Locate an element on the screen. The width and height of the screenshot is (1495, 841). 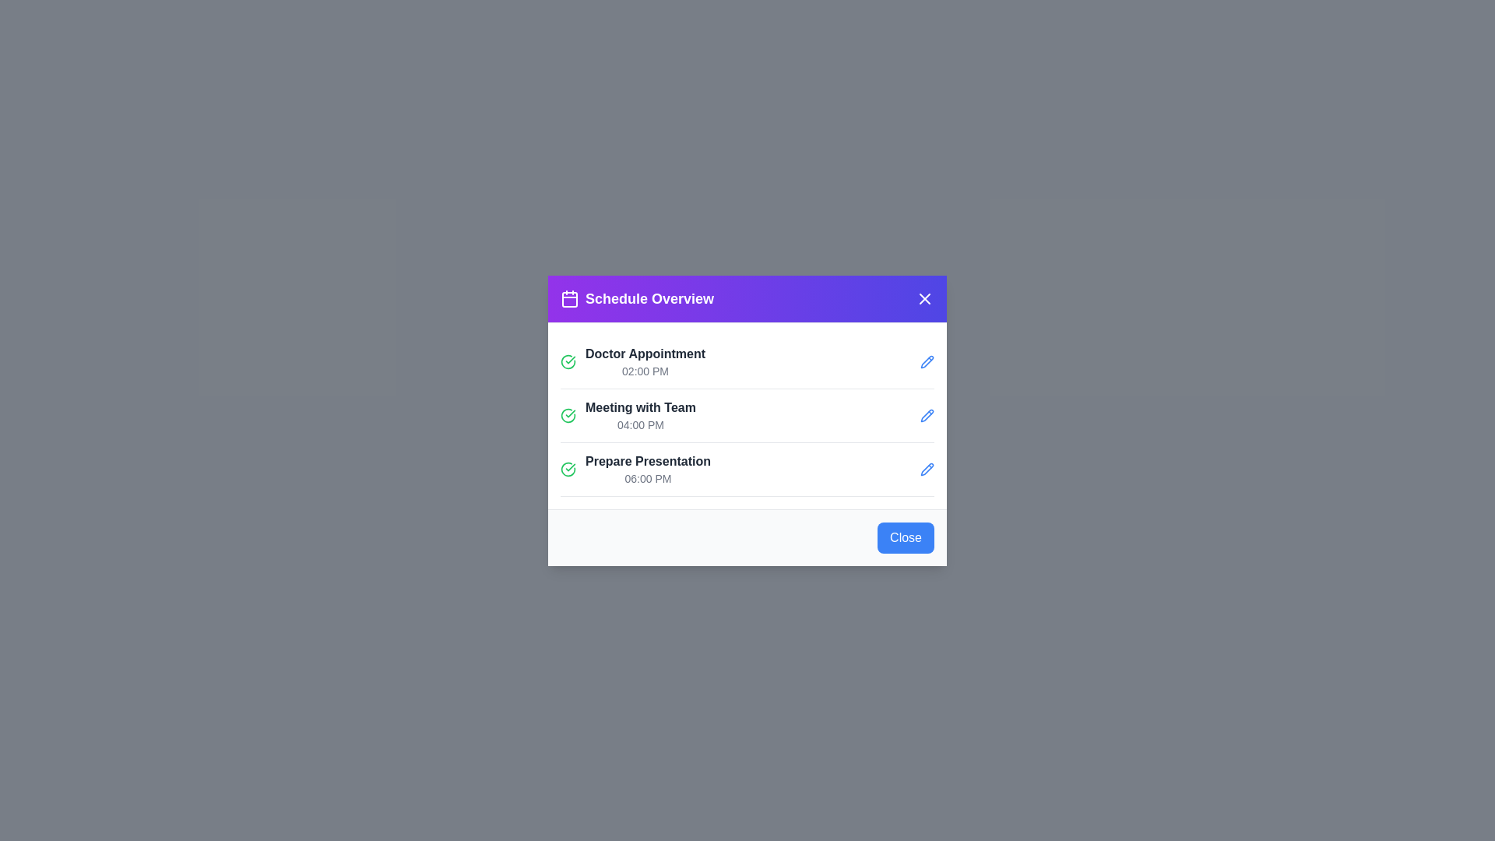
the green circular check icon with a checkmark inside, located to the left of the 'Doctor Appointment' text is located at coordinates (567, 361).